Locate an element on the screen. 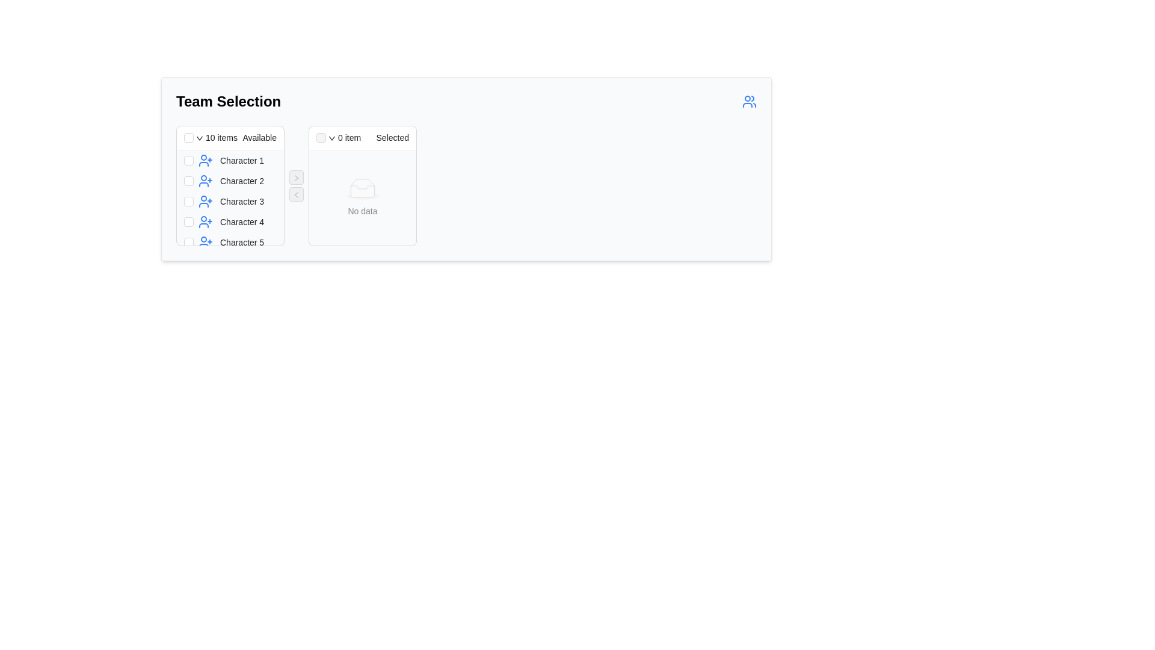 The height and width of the screenshot is (650, 1155). the 'Available' text label located in the header section of the left panel, positioned to the right of the '10 items' label is located at coordinates (257, 137).